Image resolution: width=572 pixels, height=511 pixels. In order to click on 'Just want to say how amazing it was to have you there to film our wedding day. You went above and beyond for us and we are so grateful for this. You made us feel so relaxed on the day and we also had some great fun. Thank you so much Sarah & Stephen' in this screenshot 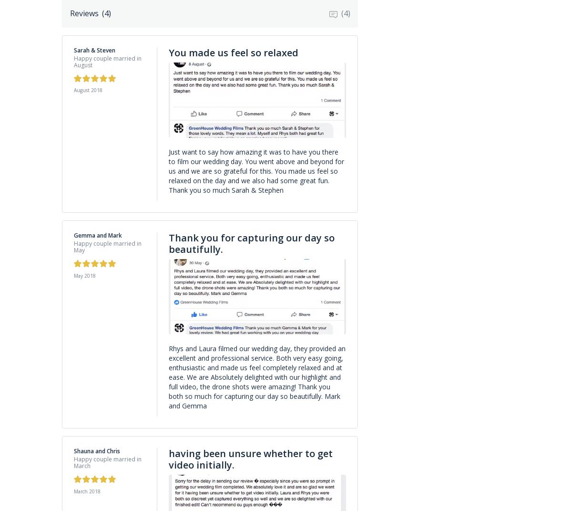, I will do `click(255, 170)`.